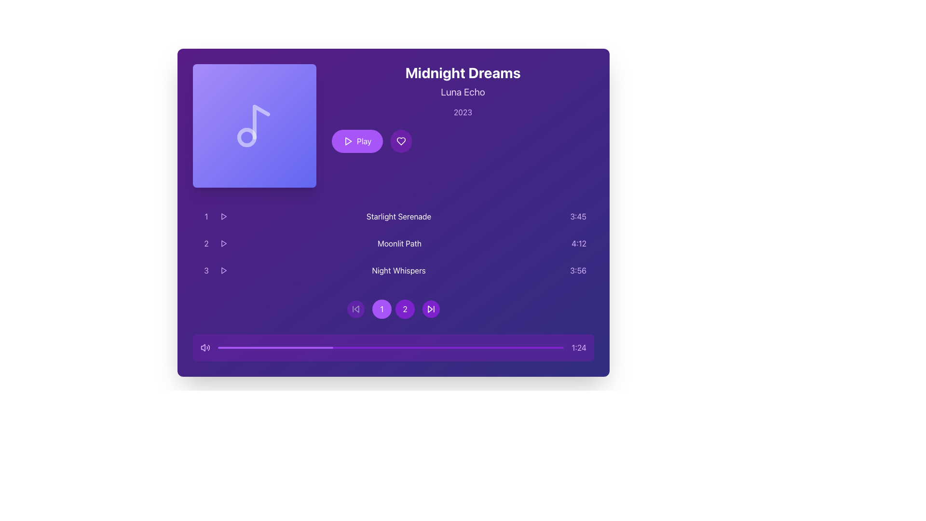 This screenshot has height=521, width=926. Describe the element at coordinates (355, 309) in the screenshot. I see `the circular button with a purple background and a white back arrow icon to observe the hover effect` at that location.